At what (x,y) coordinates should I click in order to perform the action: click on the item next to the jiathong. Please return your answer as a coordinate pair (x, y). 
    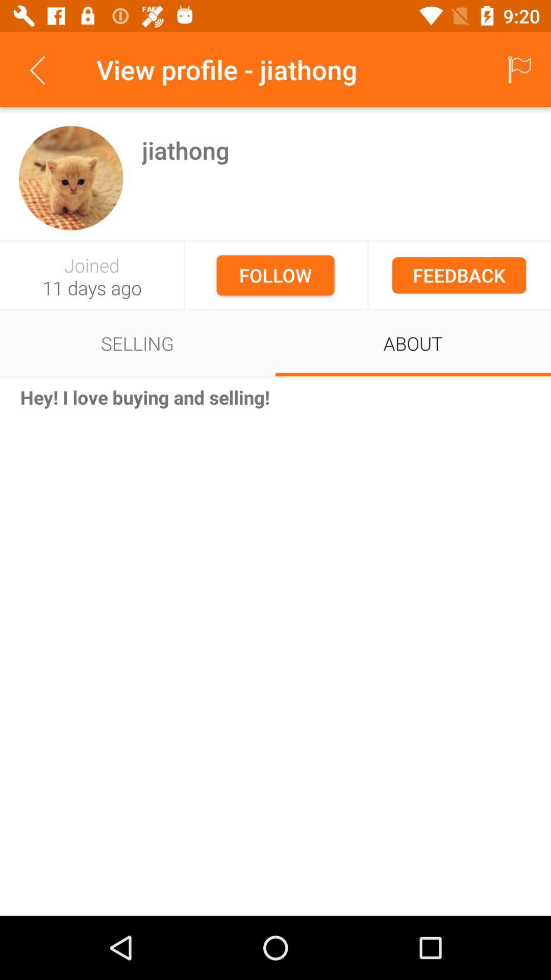
    Looking at the image, I should click on (70, 178).